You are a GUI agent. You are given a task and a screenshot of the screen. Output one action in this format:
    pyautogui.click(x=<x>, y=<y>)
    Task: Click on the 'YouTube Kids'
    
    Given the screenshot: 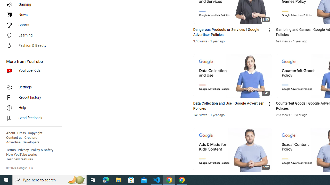 What is the action you would take?
    pyautogui.click(x=29, y=71)
    